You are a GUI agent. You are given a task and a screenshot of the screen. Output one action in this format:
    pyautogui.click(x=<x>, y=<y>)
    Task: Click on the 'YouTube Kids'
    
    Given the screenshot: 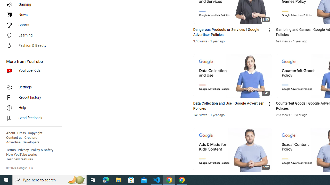 What is the action you would take?
    pyautogui.click(x=29, y=71)
    